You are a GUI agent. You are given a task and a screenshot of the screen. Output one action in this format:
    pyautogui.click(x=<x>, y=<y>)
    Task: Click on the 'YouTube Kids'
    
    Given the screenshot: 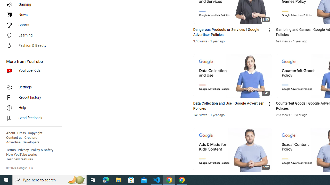 What is the action you would take?
    pyautogui.click(x=29, y=71)
    